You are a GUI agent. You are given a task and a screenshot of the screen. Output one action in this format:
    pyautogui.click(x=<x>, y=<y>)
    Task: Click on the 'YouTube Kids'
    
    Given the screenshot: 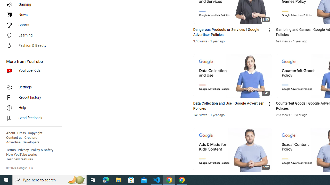 What is the action you would take?
    pyautogui.click(x=29, y=71)
    